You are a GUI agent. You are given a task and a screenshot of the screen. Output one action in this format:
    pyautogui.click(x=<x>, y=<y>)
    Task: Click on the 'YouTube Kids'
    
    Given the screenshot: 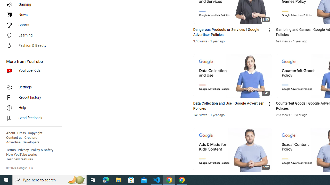 What is the action you would take?
    pyautogui.click(x=29, y=71)
    